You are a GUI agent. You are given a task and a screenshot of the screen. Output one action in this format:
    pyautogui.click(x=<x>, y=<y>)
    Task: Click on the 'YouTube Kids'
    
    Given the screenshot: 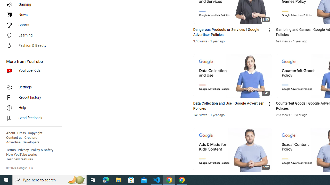 What is the action you would take?
    pyautogui.click(x=29, y=71)
    